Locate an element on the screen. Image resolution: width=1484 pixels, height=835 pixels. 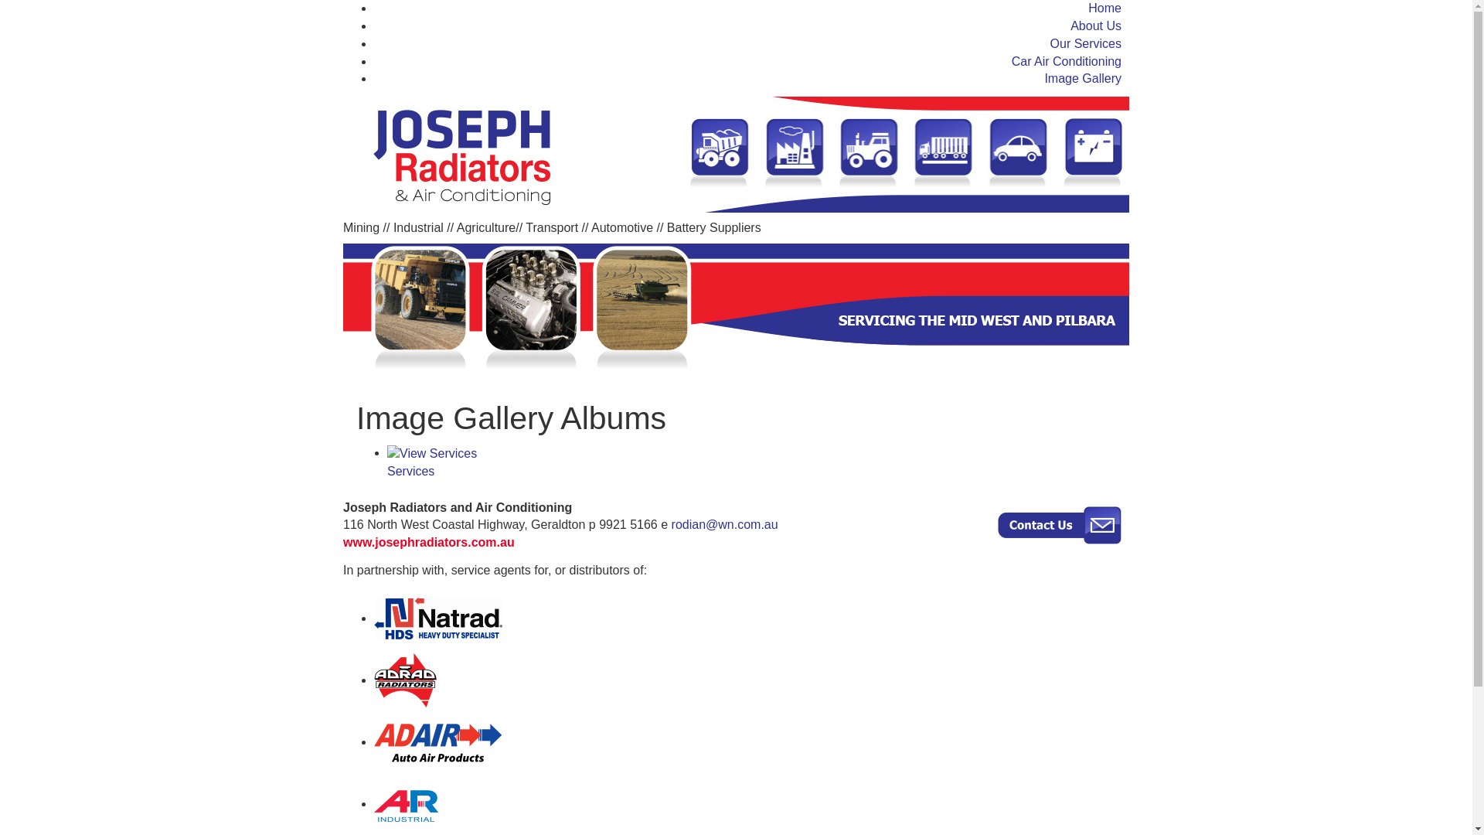
'www.josephradiators.com.au' is located at coordinates (429, 541).